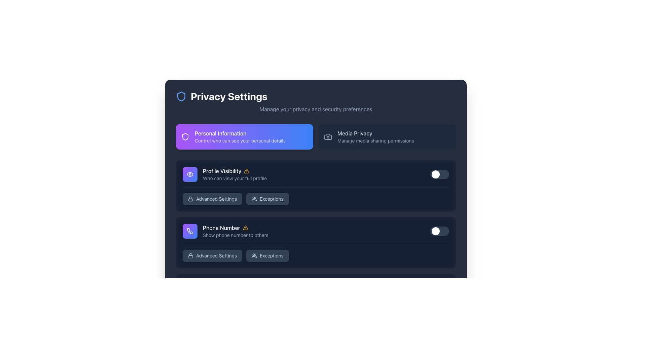  I want to click on the text label that says 'Manage your privacy and security preferences,' which is located beneath the 'Privacy Settings' title on a dark background, so click(316, 109).